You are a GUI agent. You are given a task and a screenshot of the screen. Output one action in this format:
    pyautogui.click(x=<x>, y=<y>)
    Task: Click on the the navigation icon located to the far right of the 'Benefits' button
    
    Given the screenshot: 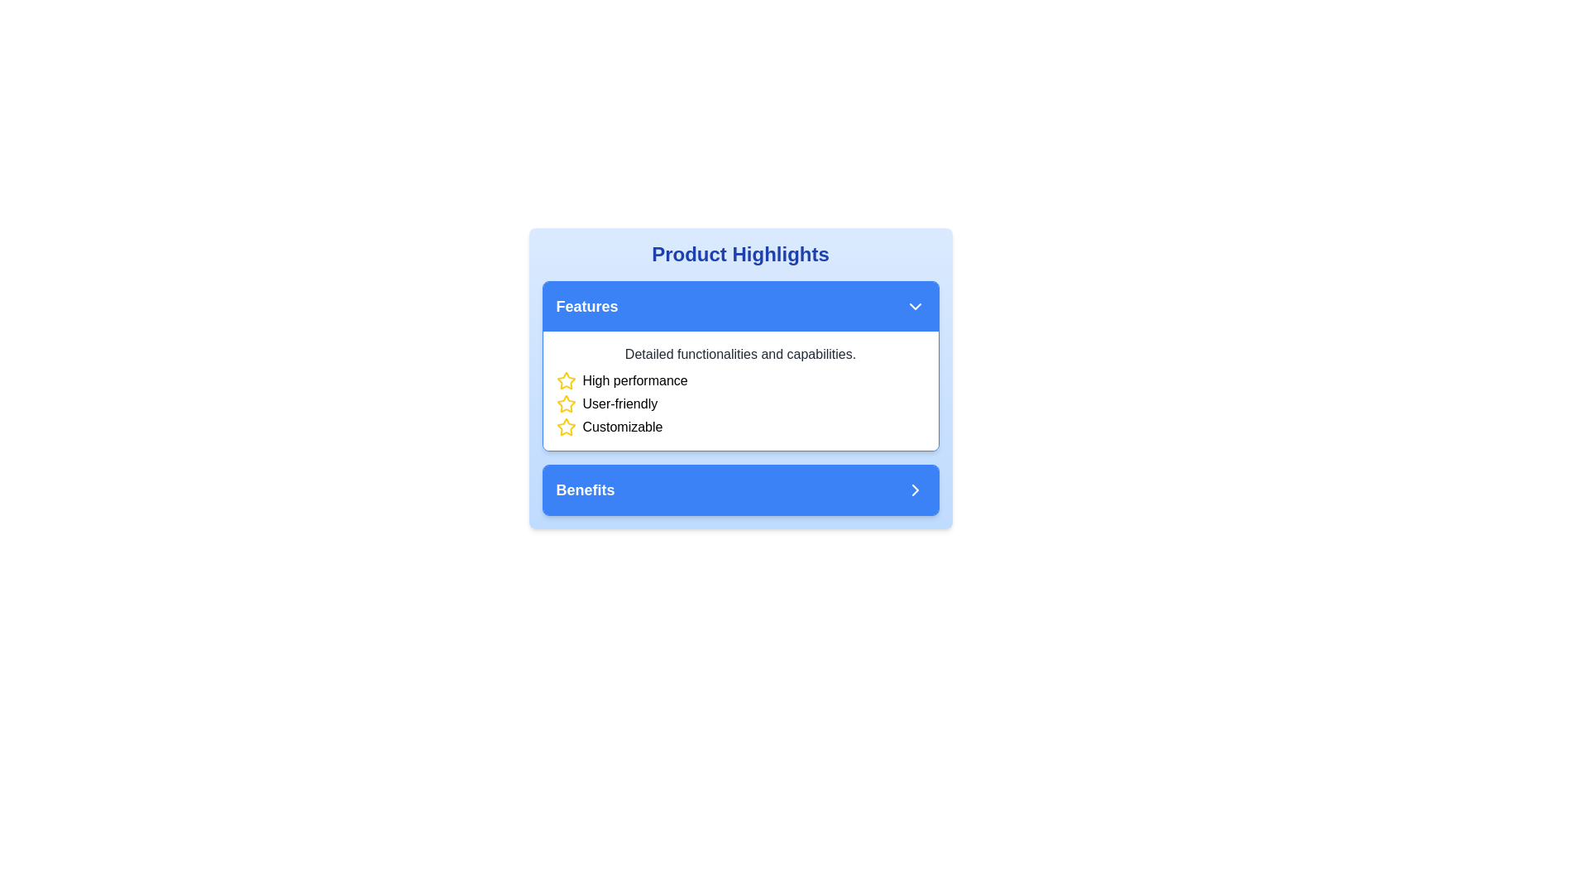 What is the action you would take?
    pyautogui.click(x=914, y=489)
    